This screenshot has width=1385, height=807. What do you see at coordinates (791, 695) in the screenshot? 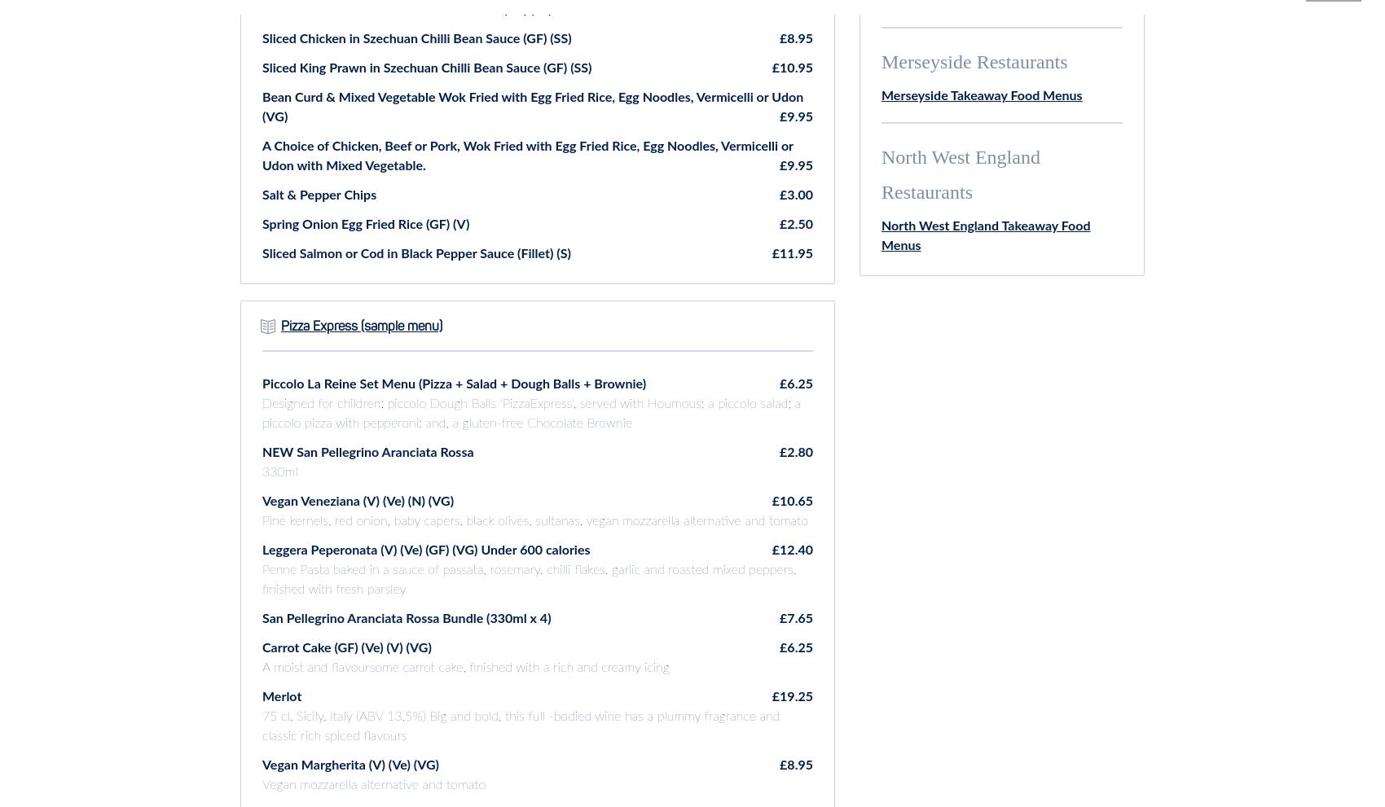
I see `'£19.25'` at bounding box center [791, 695].